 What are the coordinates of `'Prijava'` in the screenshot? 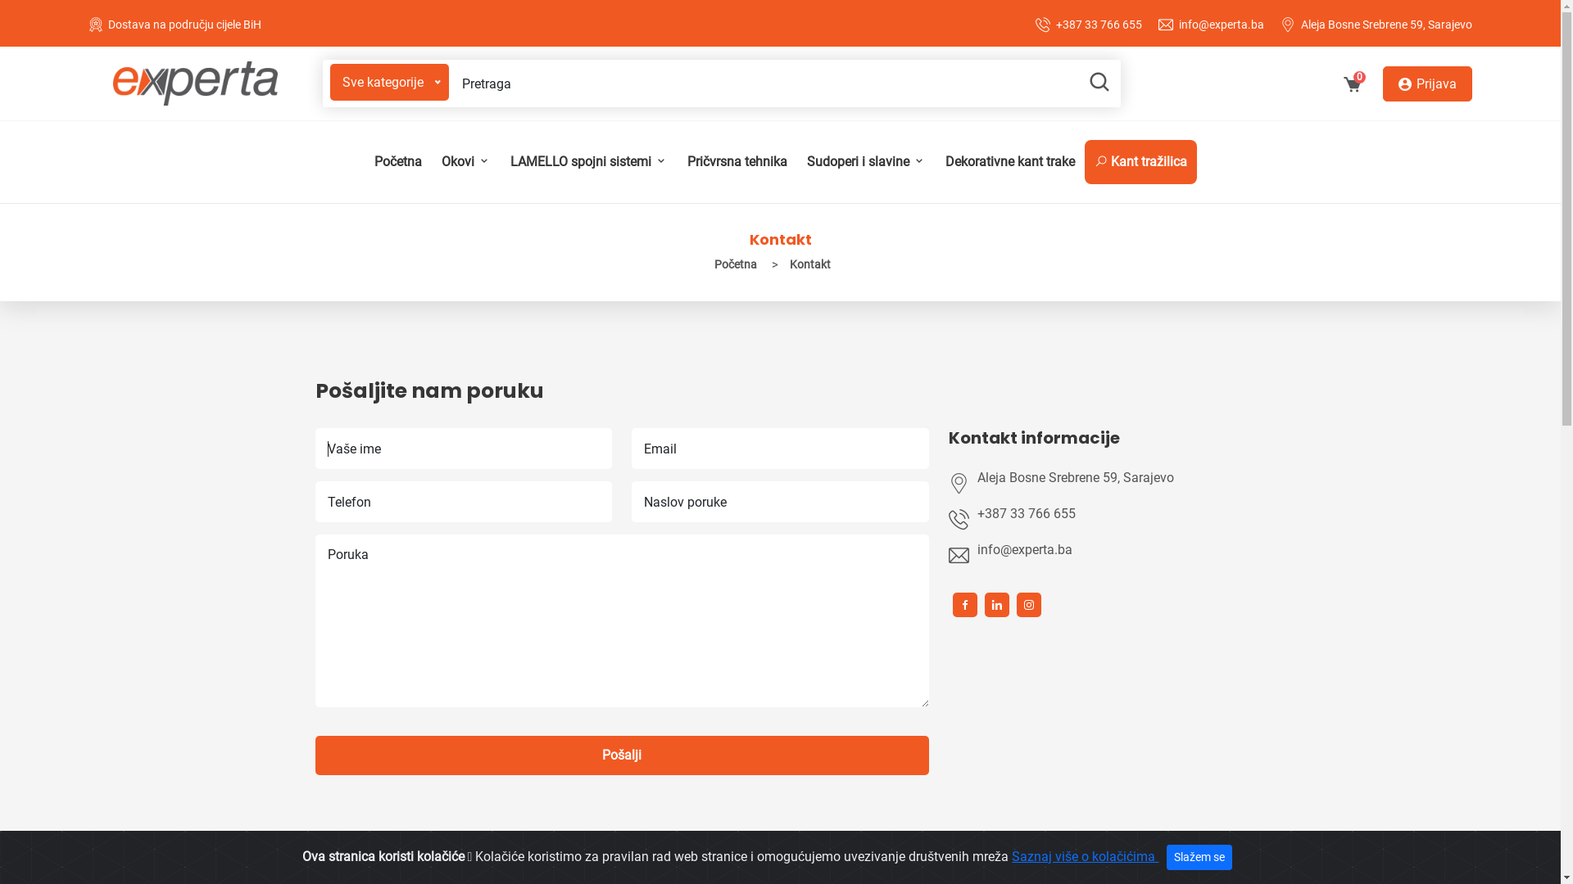 It's located at (1426, 83).